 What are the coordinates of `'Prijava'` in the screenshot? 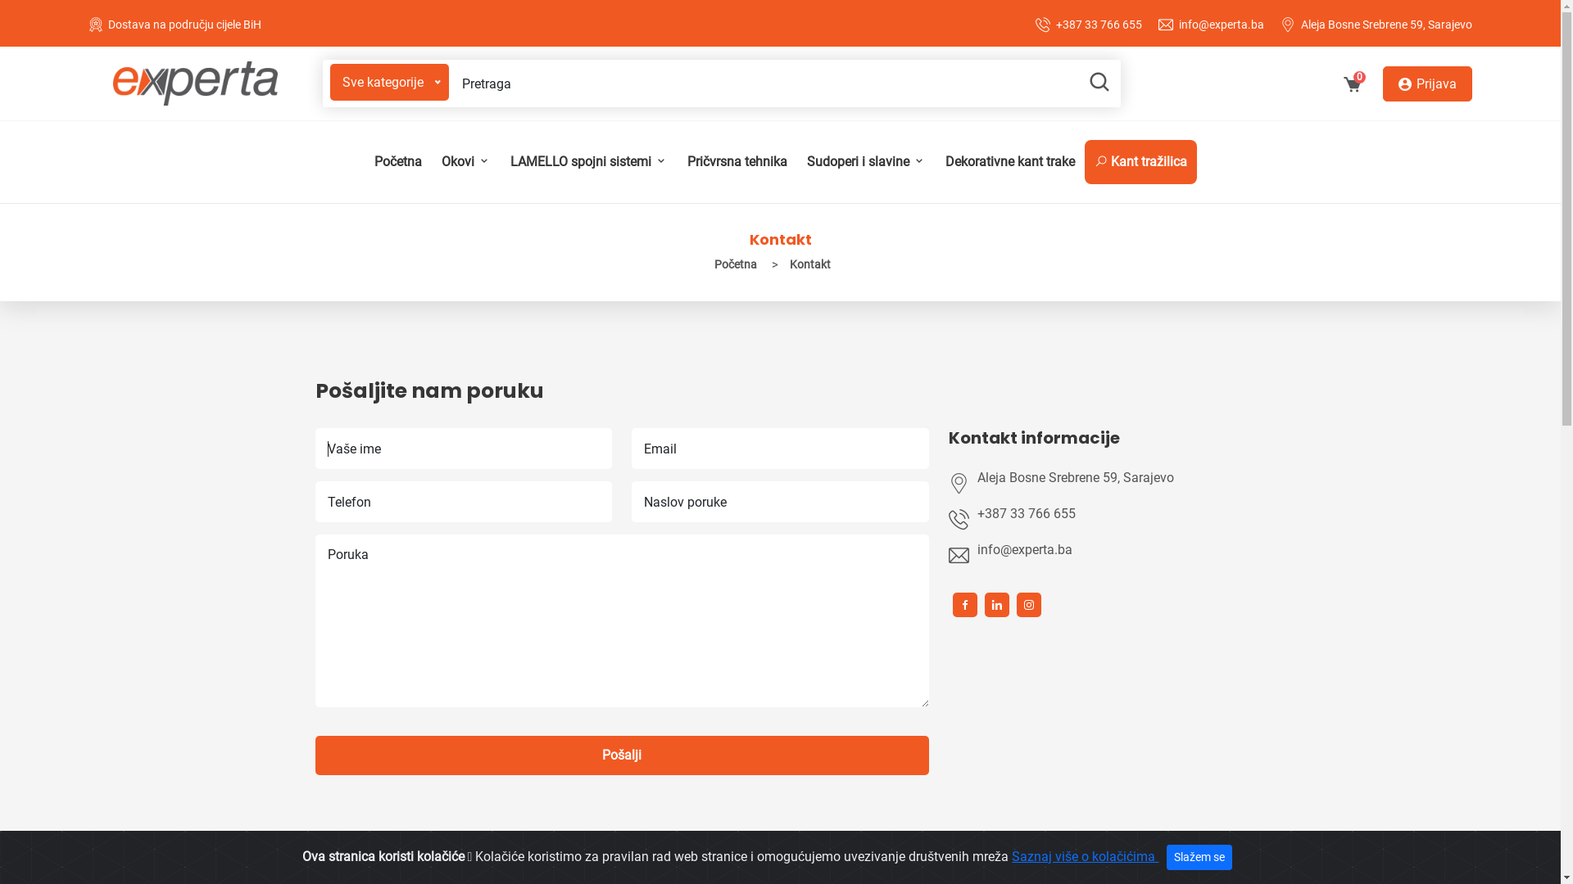 It's located at (1426, 83).